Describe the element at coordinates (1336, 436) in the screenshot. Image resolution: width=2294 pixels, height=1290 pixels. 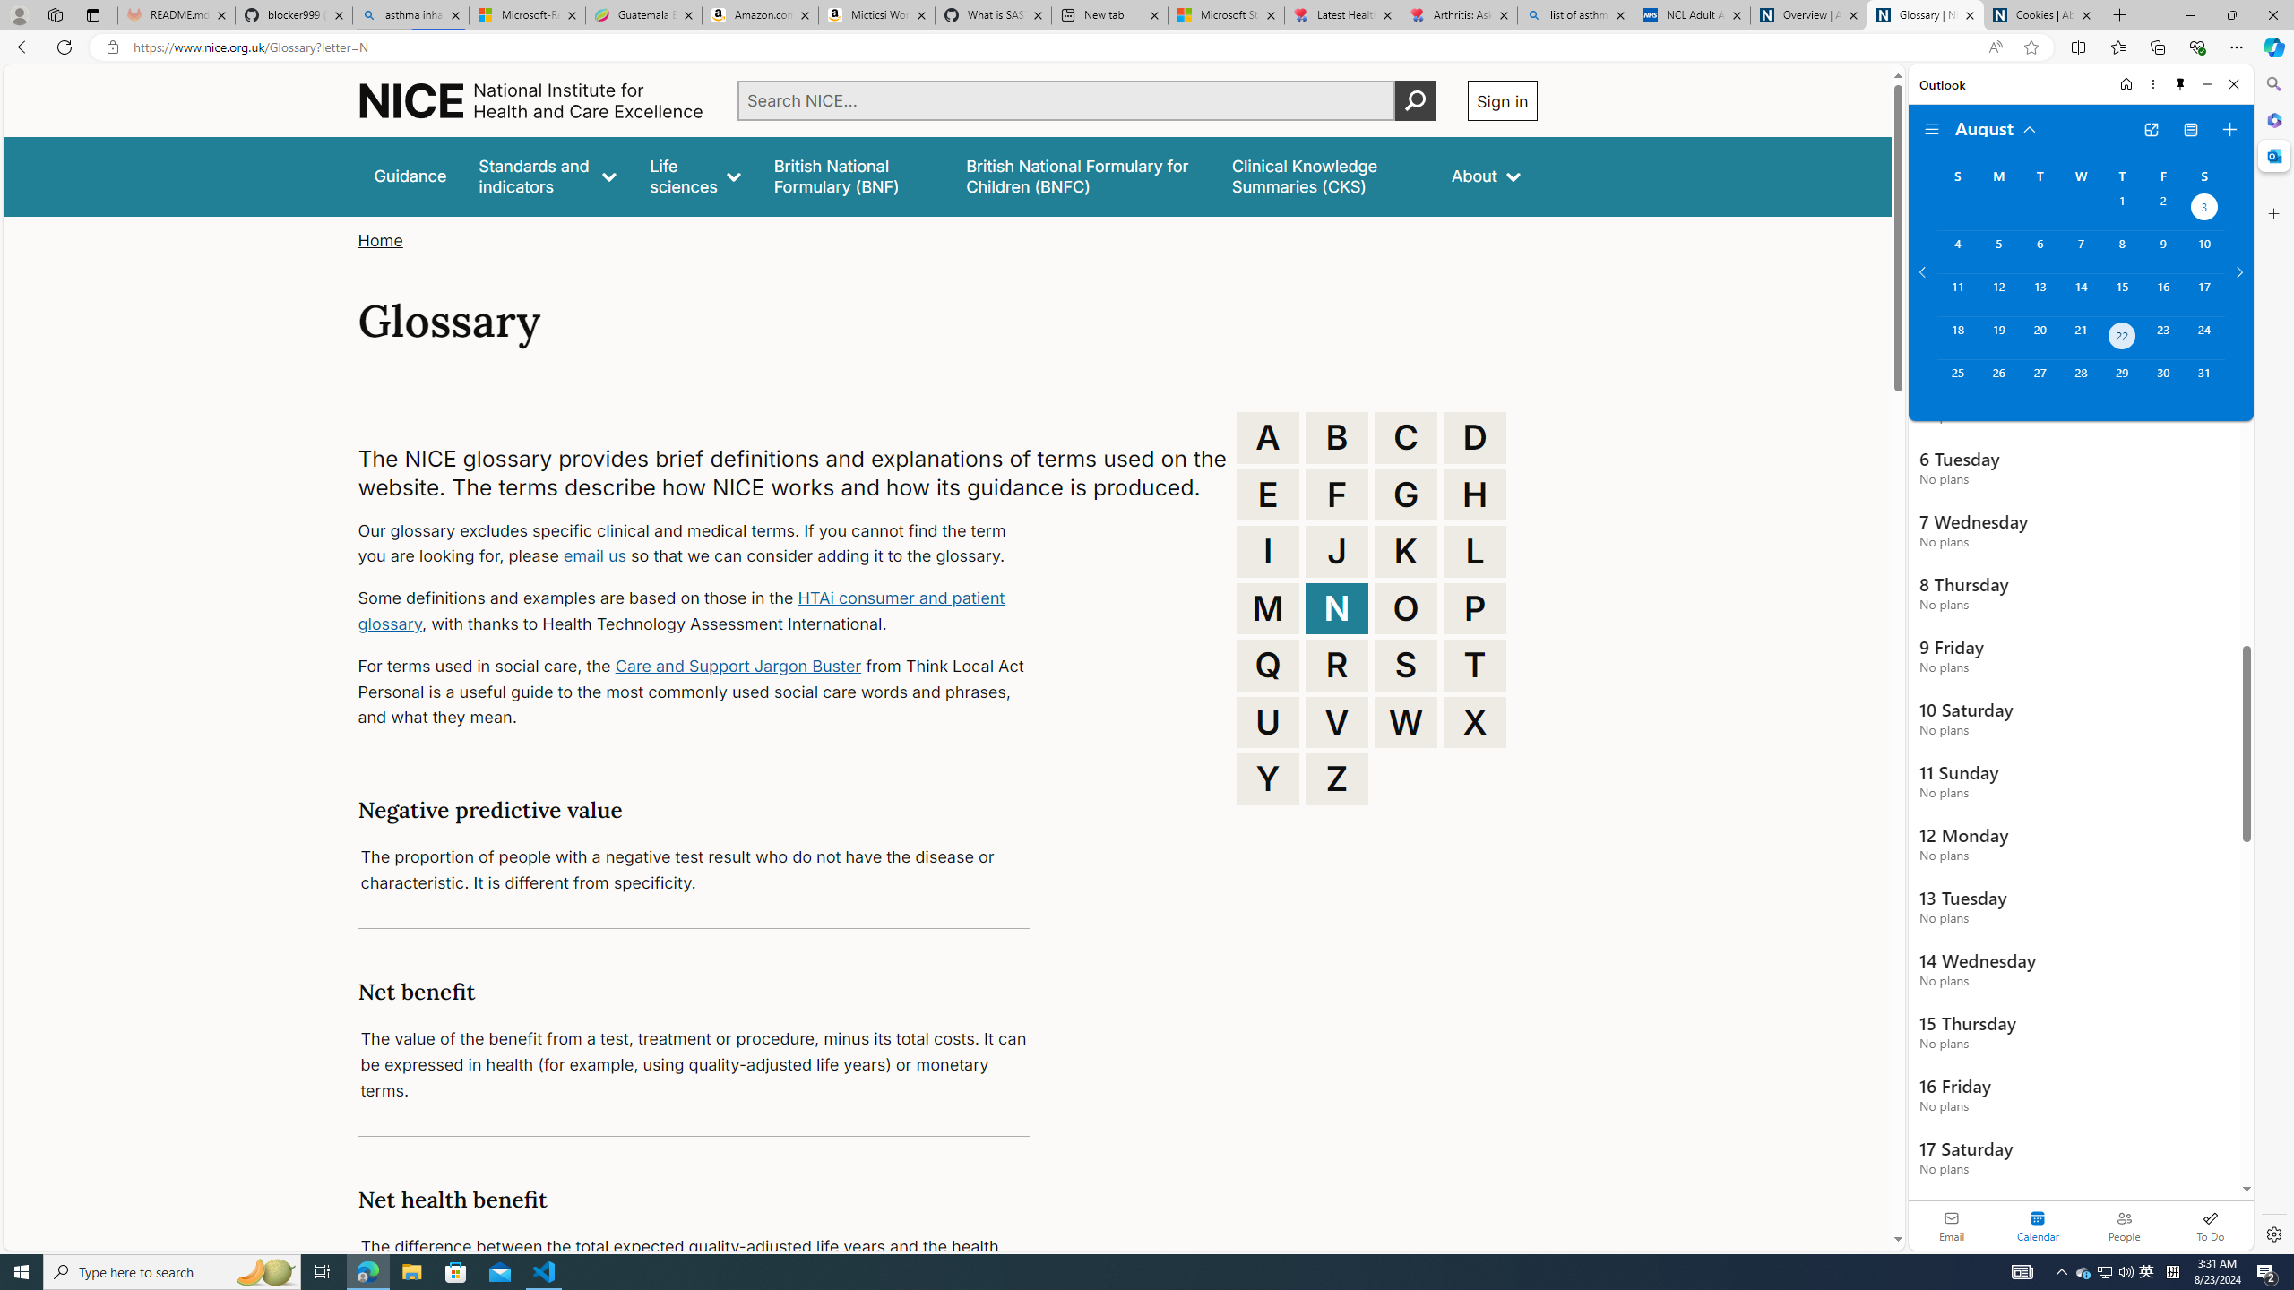
I see `'B'` at that location.